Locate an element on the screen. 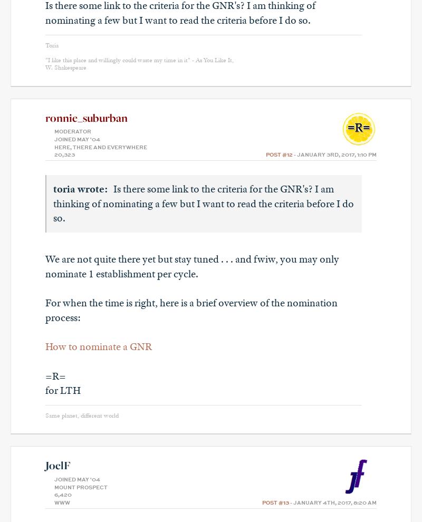  'Post #12' is located at coordinates (279, 155).